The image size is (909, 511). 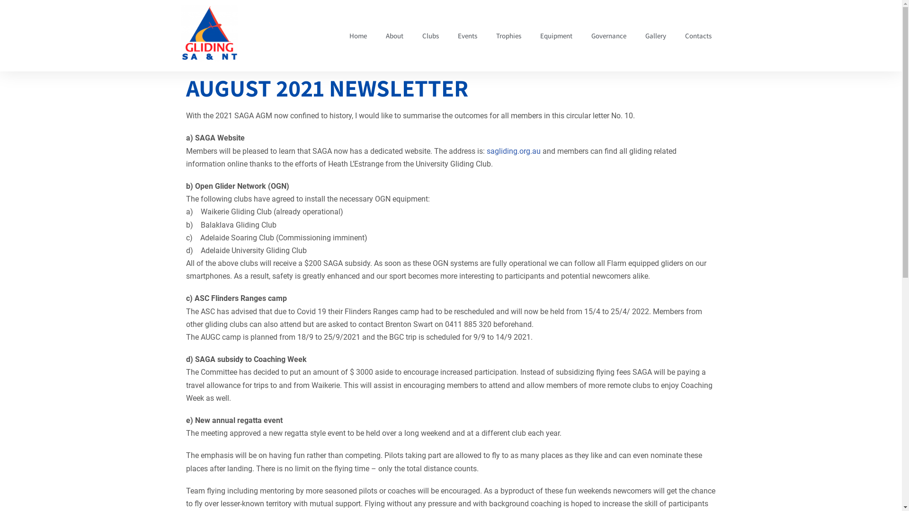 What do you see at coordinates (556, 35) in the screenshot?
I see `'Equipment'` at bounding box center [556, 35].